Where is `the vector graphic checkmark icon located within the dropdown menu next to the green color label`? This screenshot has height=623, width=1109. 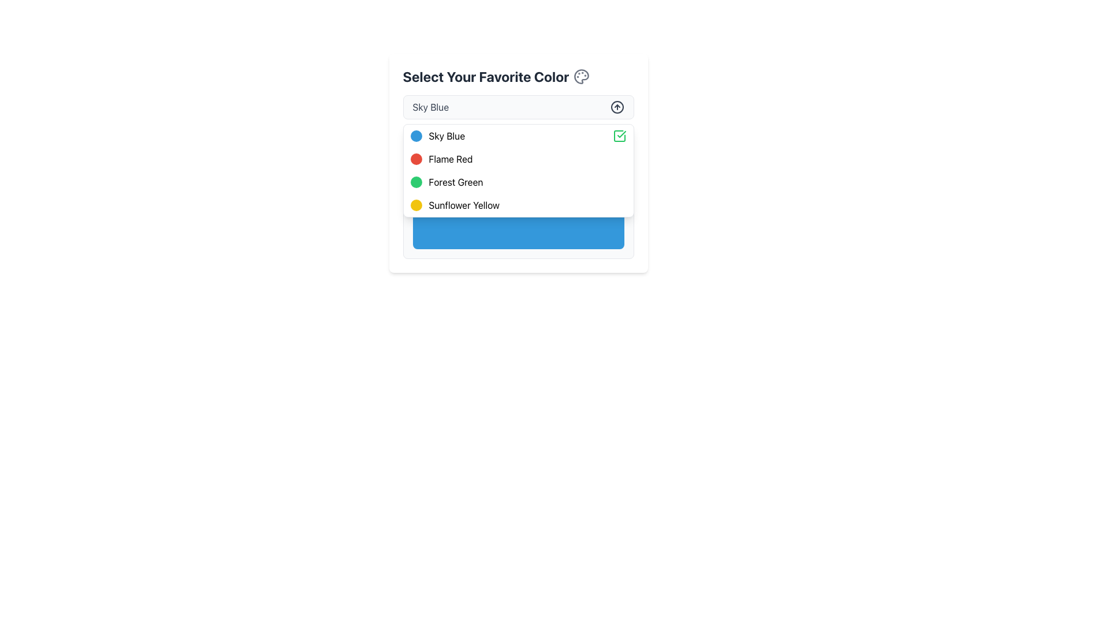
the vector graphic checkmark icon located within the dropdown menu next to the green color label is located at coordinates (620, 133).